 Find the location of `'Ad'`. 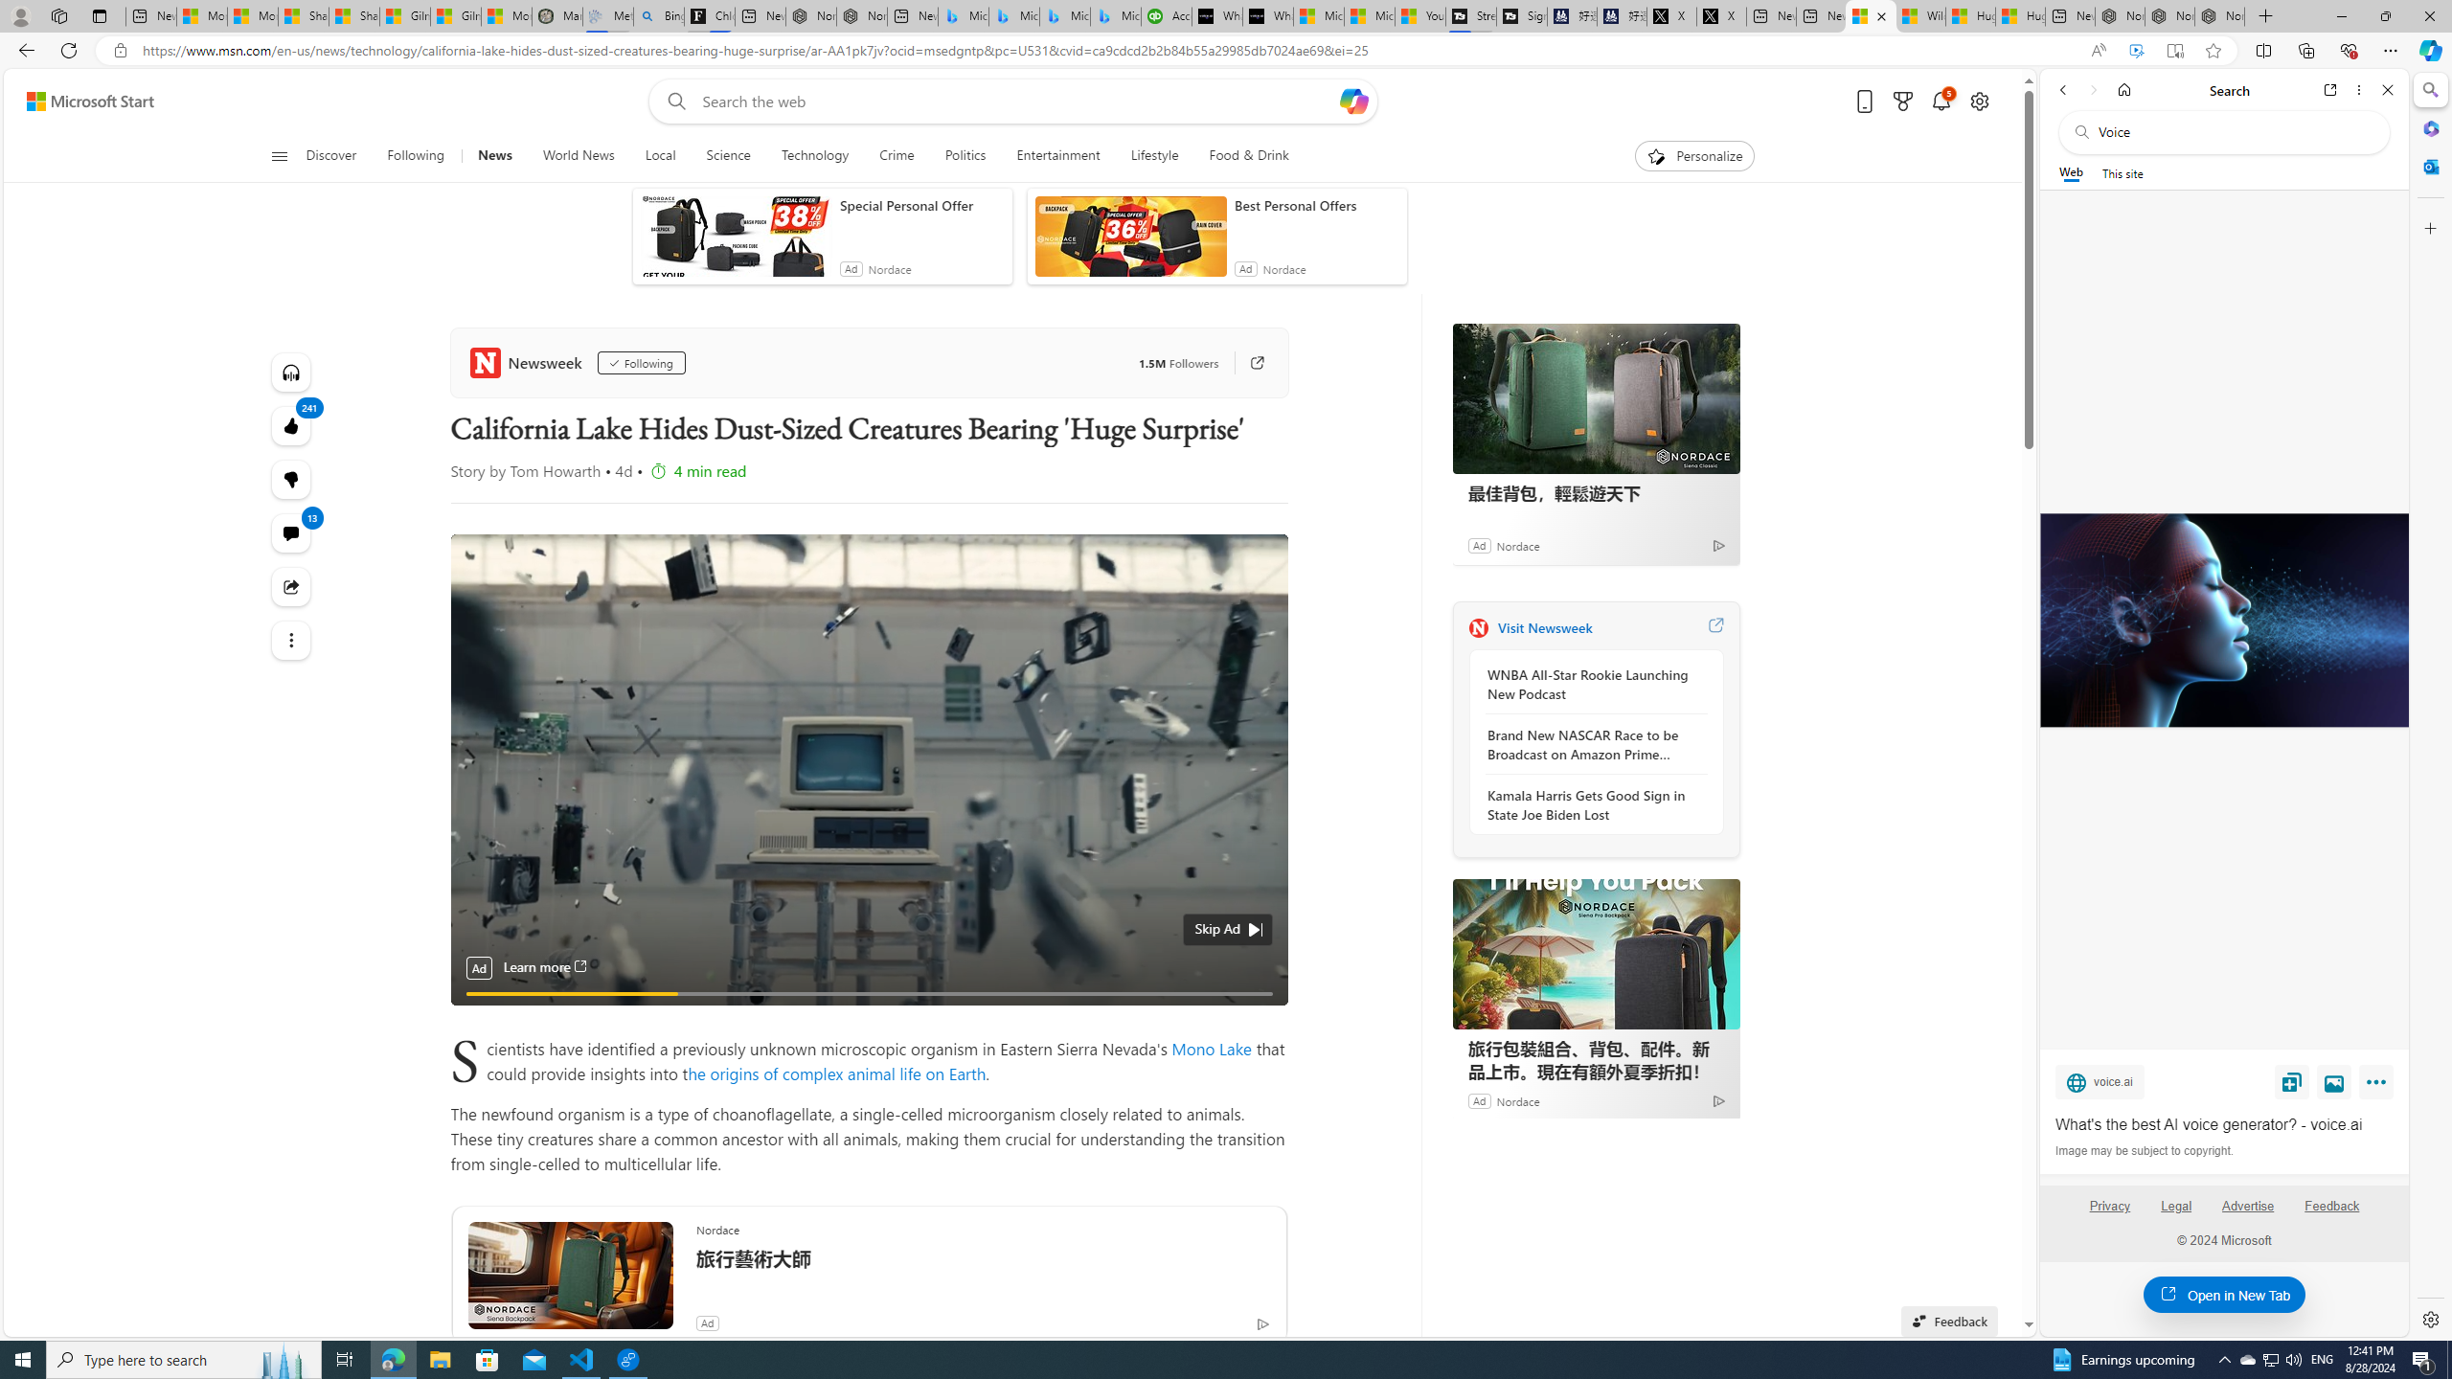

'Ad' is located at coordinates (1477, 1099).